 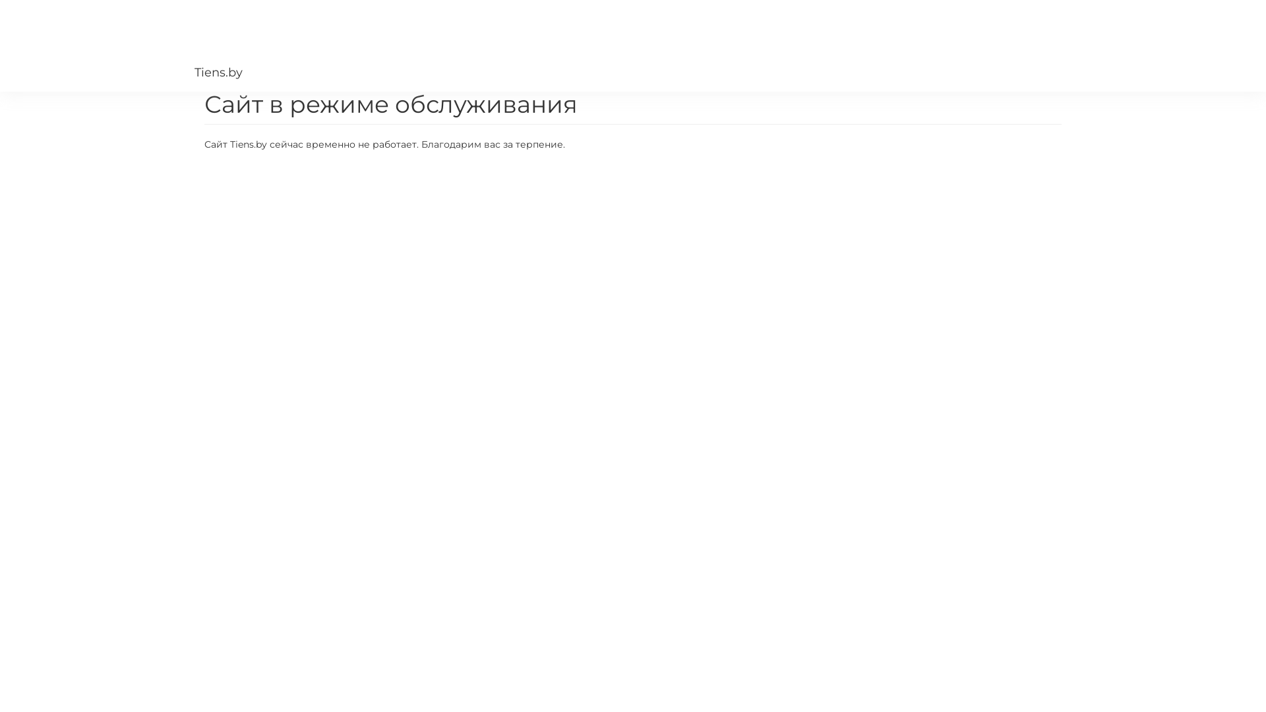 What do you see at coordinates (193, 45) in the screenshot?
I see `'Tiens.by'` at bounding box center [193, 45].